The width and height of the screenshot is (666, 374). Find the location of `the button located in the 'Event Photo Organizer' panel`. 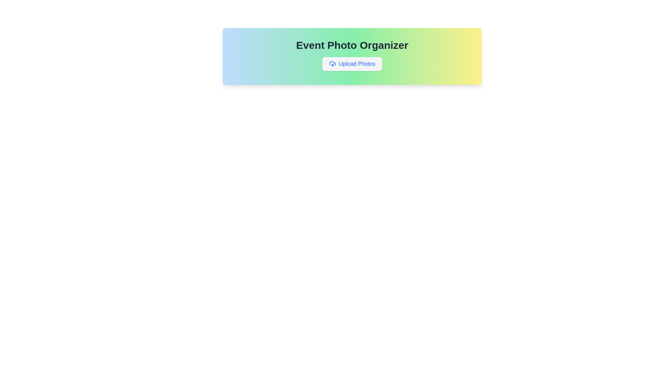

the button located in the 'Event Photo Organizer' panel is located at coordinates (352, 64).